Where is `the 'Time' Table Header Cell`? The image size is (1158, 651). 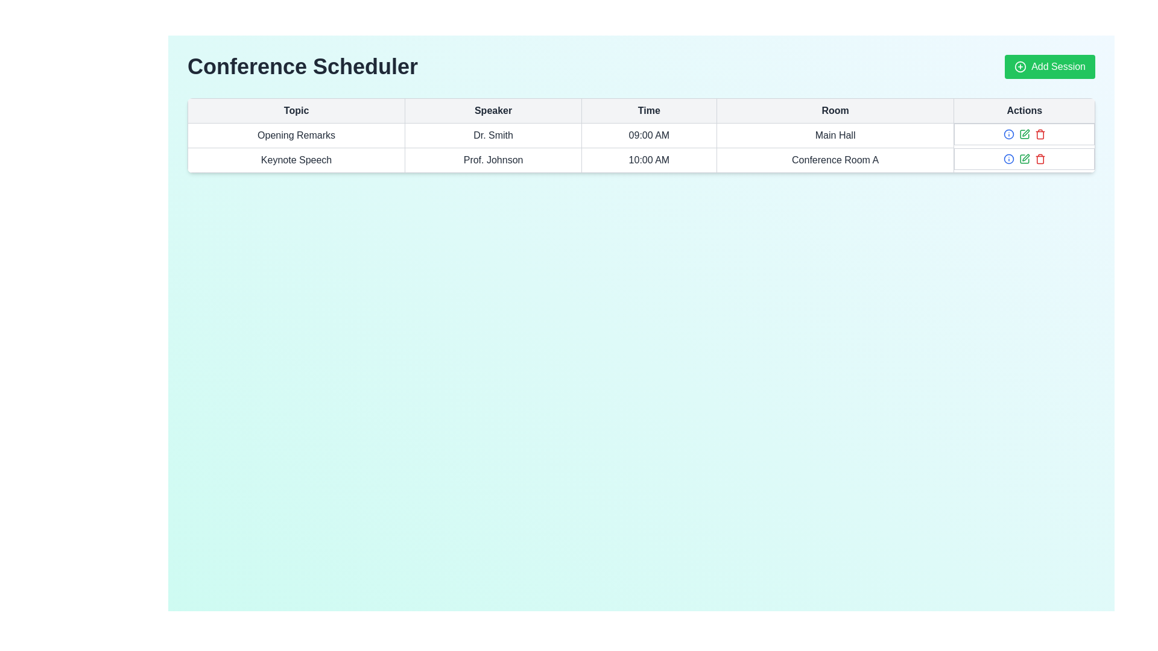
the 'Time' Table Header Cell is located at coordinates (648, 111).